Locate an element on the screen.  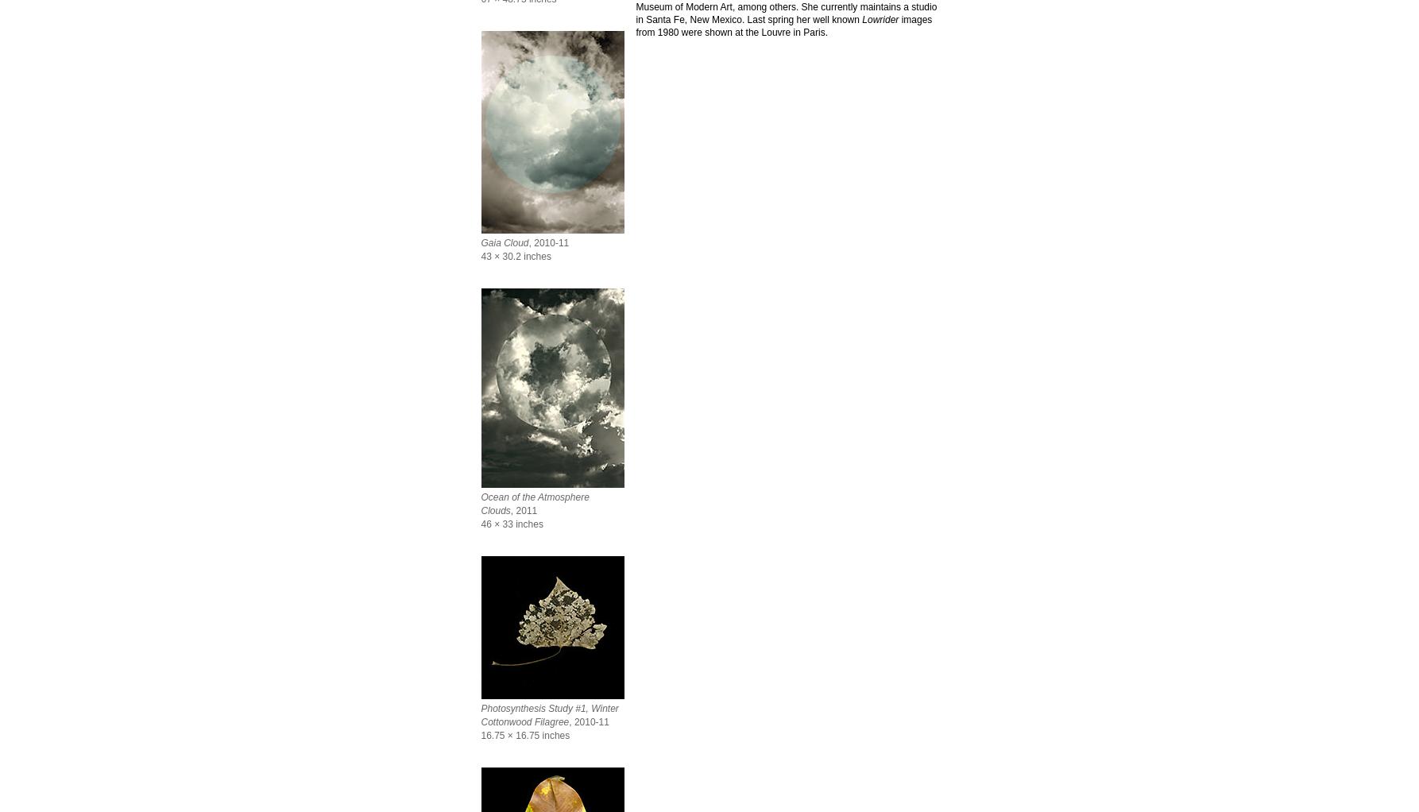
'Gaia Cloud' is located at coordinates (504, 242).